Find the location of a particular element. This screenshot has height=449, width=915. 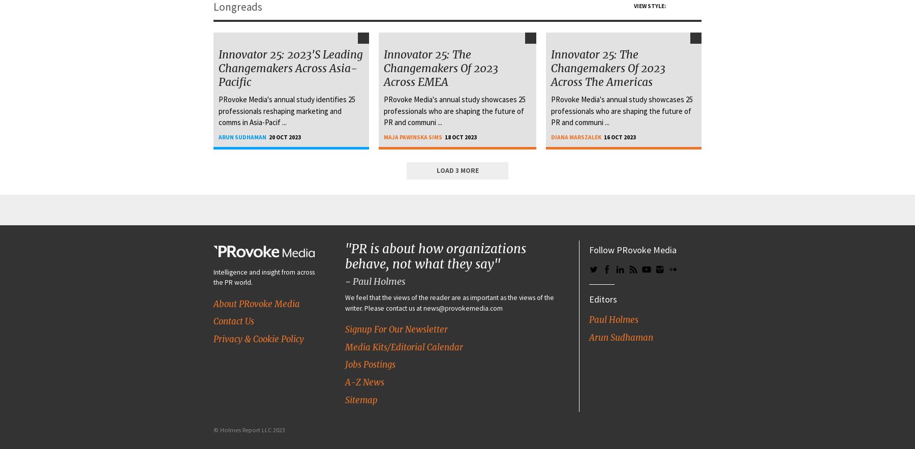

'Paul Holmes' is located at coordinates (613, 320).